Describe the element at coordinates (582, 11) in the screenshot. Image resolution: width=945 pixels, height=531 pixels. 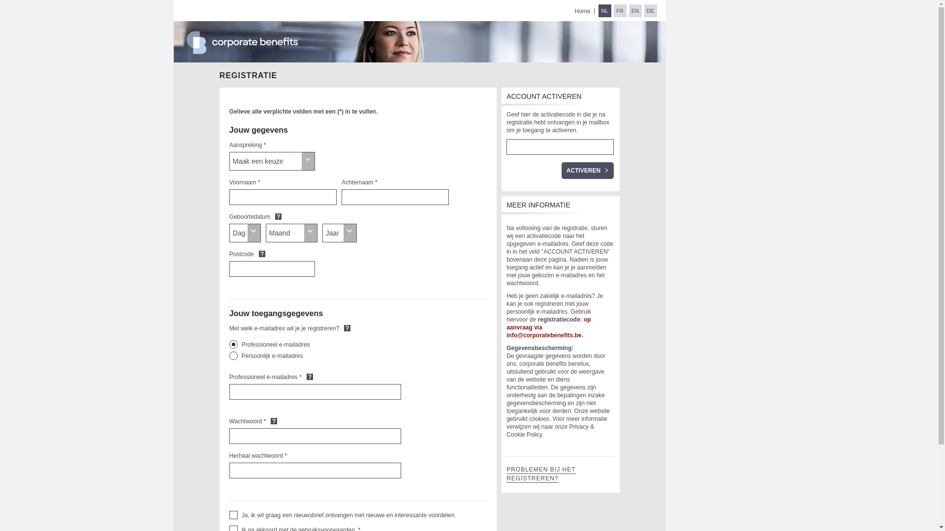
I see `'Home'` at that location.